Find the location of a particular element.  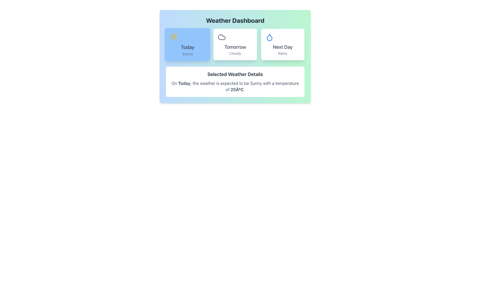

the 'Next Day' text element, which is bold and grayish, located within the third weather information card above the 'Rainy' text is located at coordinates (282, 47).